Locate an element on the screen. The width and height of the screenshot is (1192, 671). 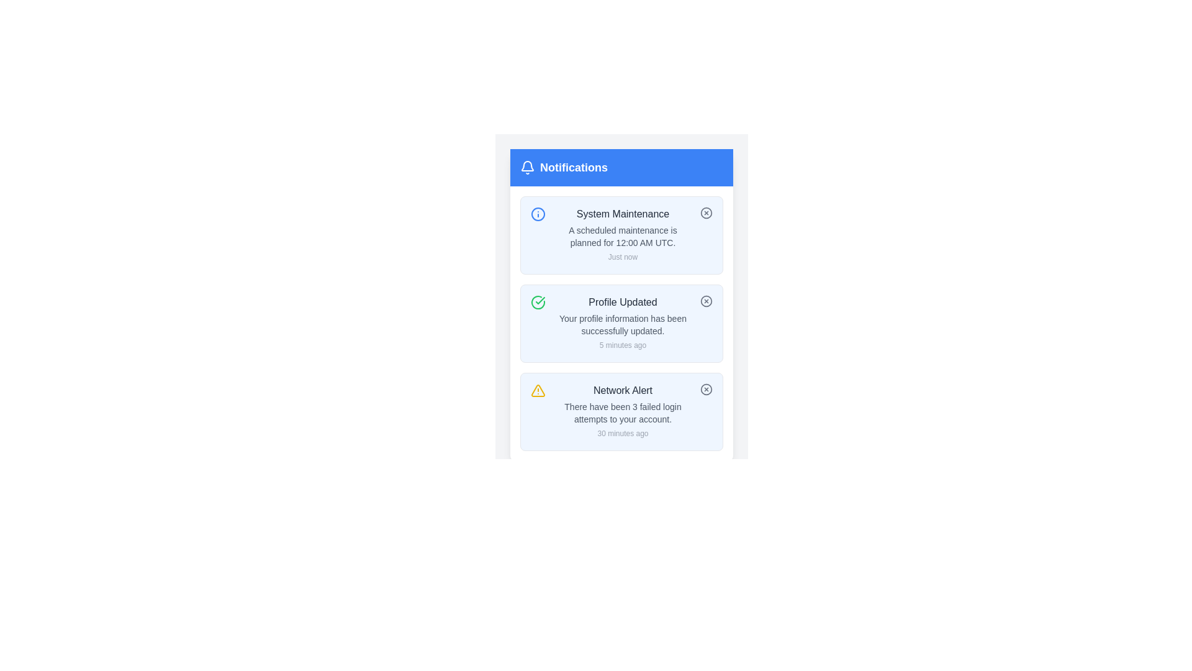
the text element that indicates the time elapsed since the notification was generated, located under the 'Notifications' section, to the right and below the description of failed login attempts is located at coordinates (623, 433).